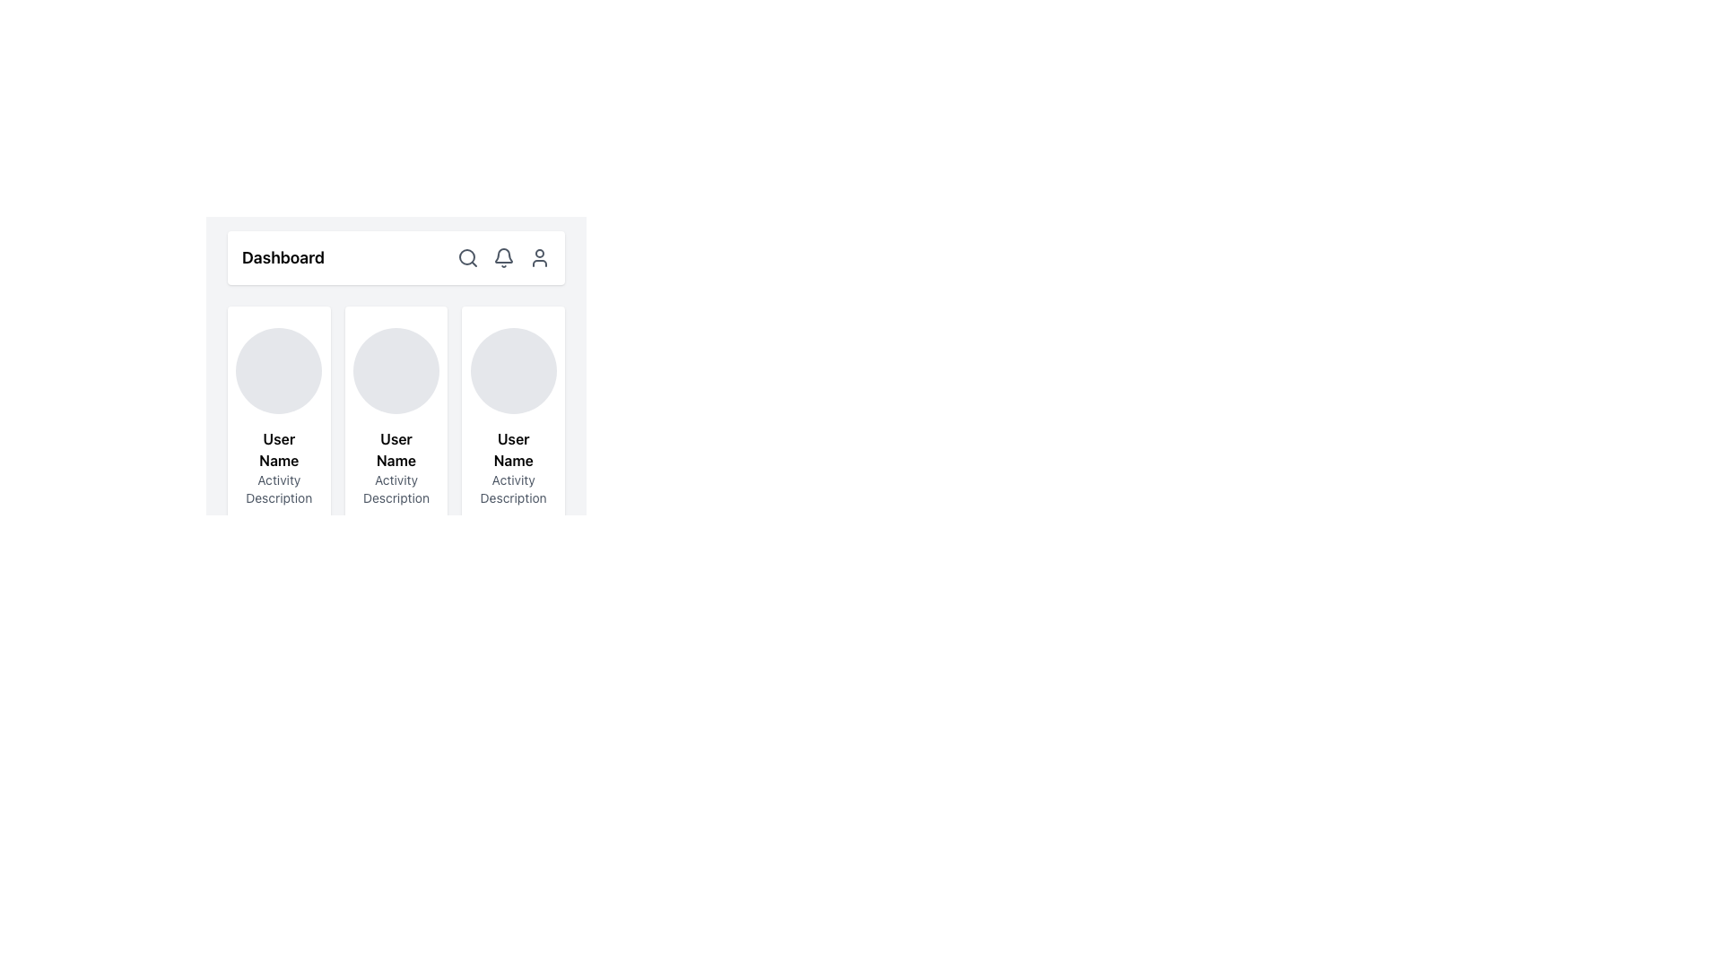 This screenshot has width=1722, height=968. What do you see at coordinates (538, 258) in the screenshot?
I see `the user icon, which is a line-drawn style icon with a circular head and curved body, located in the top-right corner of the navigation bar` at bounding box center [538, 258].